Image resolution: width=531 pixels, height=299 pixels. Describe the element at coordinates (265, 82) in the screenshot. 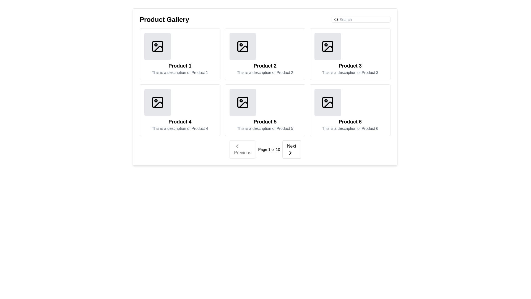

I see `the product card in the grid layout of the 'Product Gallery'` at that location.